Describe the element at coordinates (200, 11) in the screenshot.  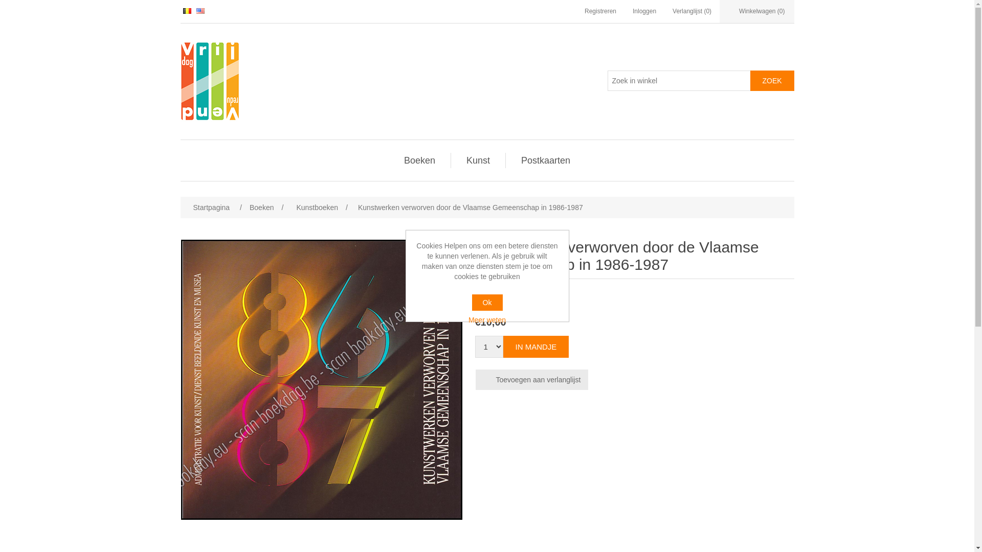
I see `'English'` at that location.